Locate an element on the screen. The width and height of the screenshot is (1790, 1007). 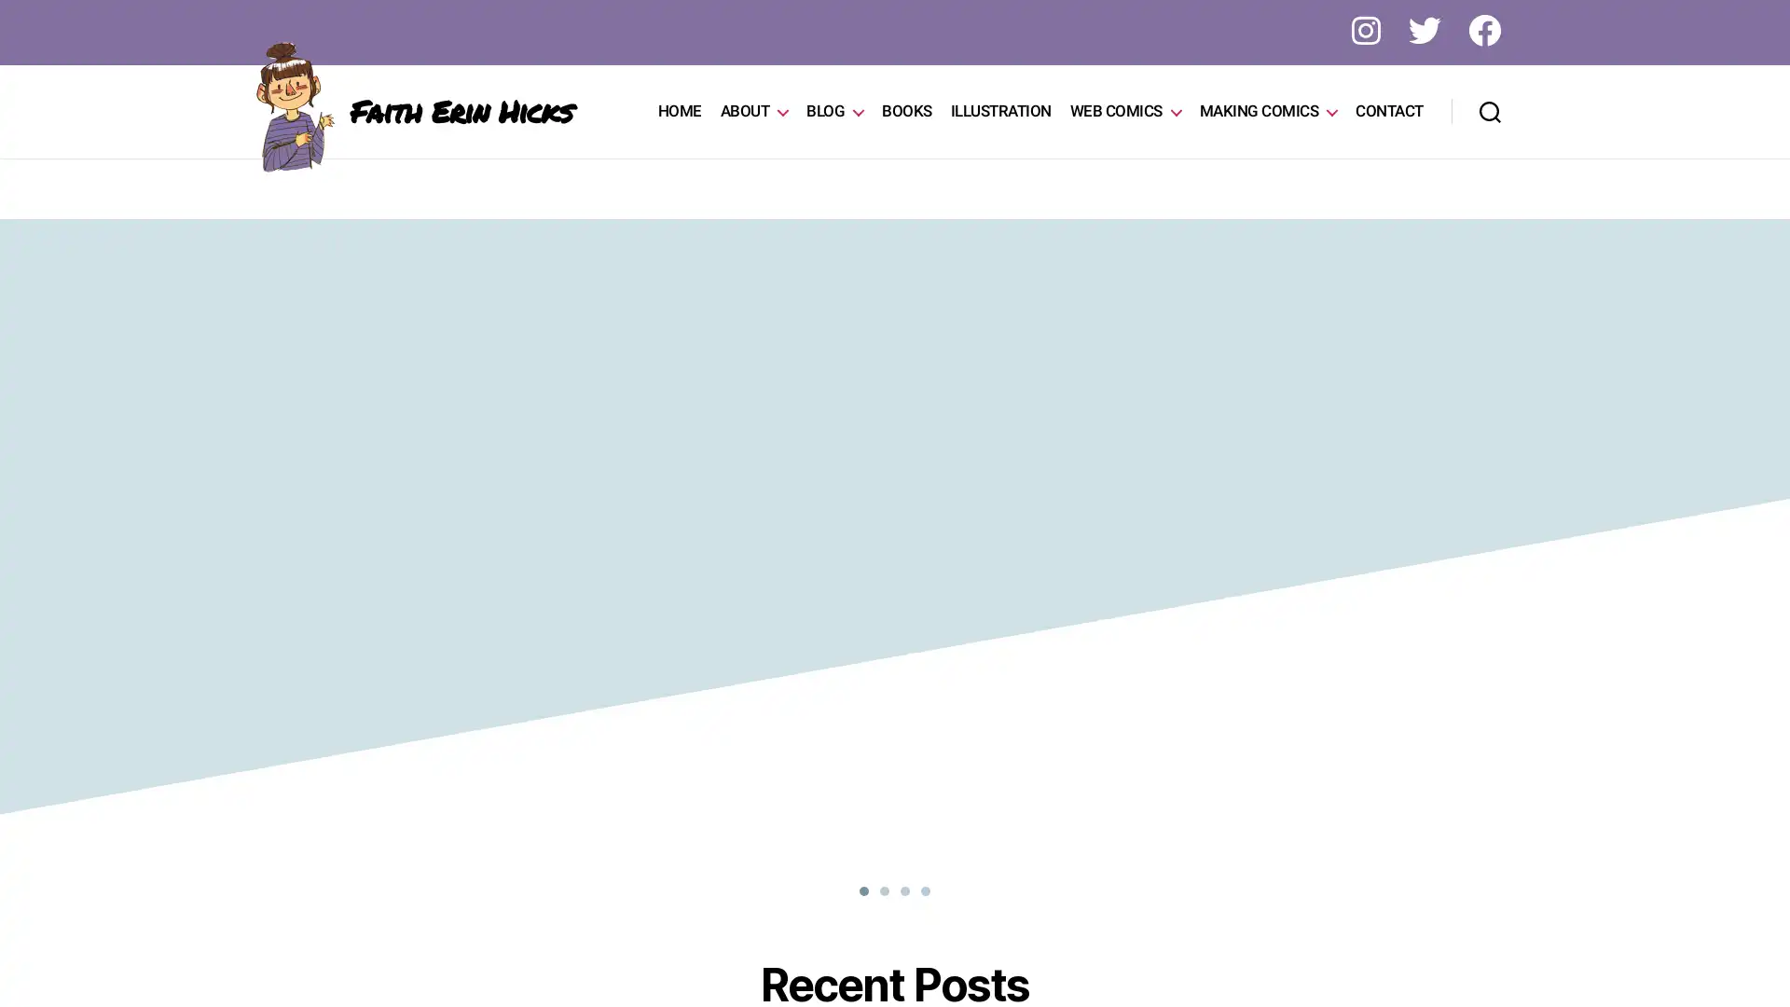
Slide 1 is located at coordinates (862, 890).